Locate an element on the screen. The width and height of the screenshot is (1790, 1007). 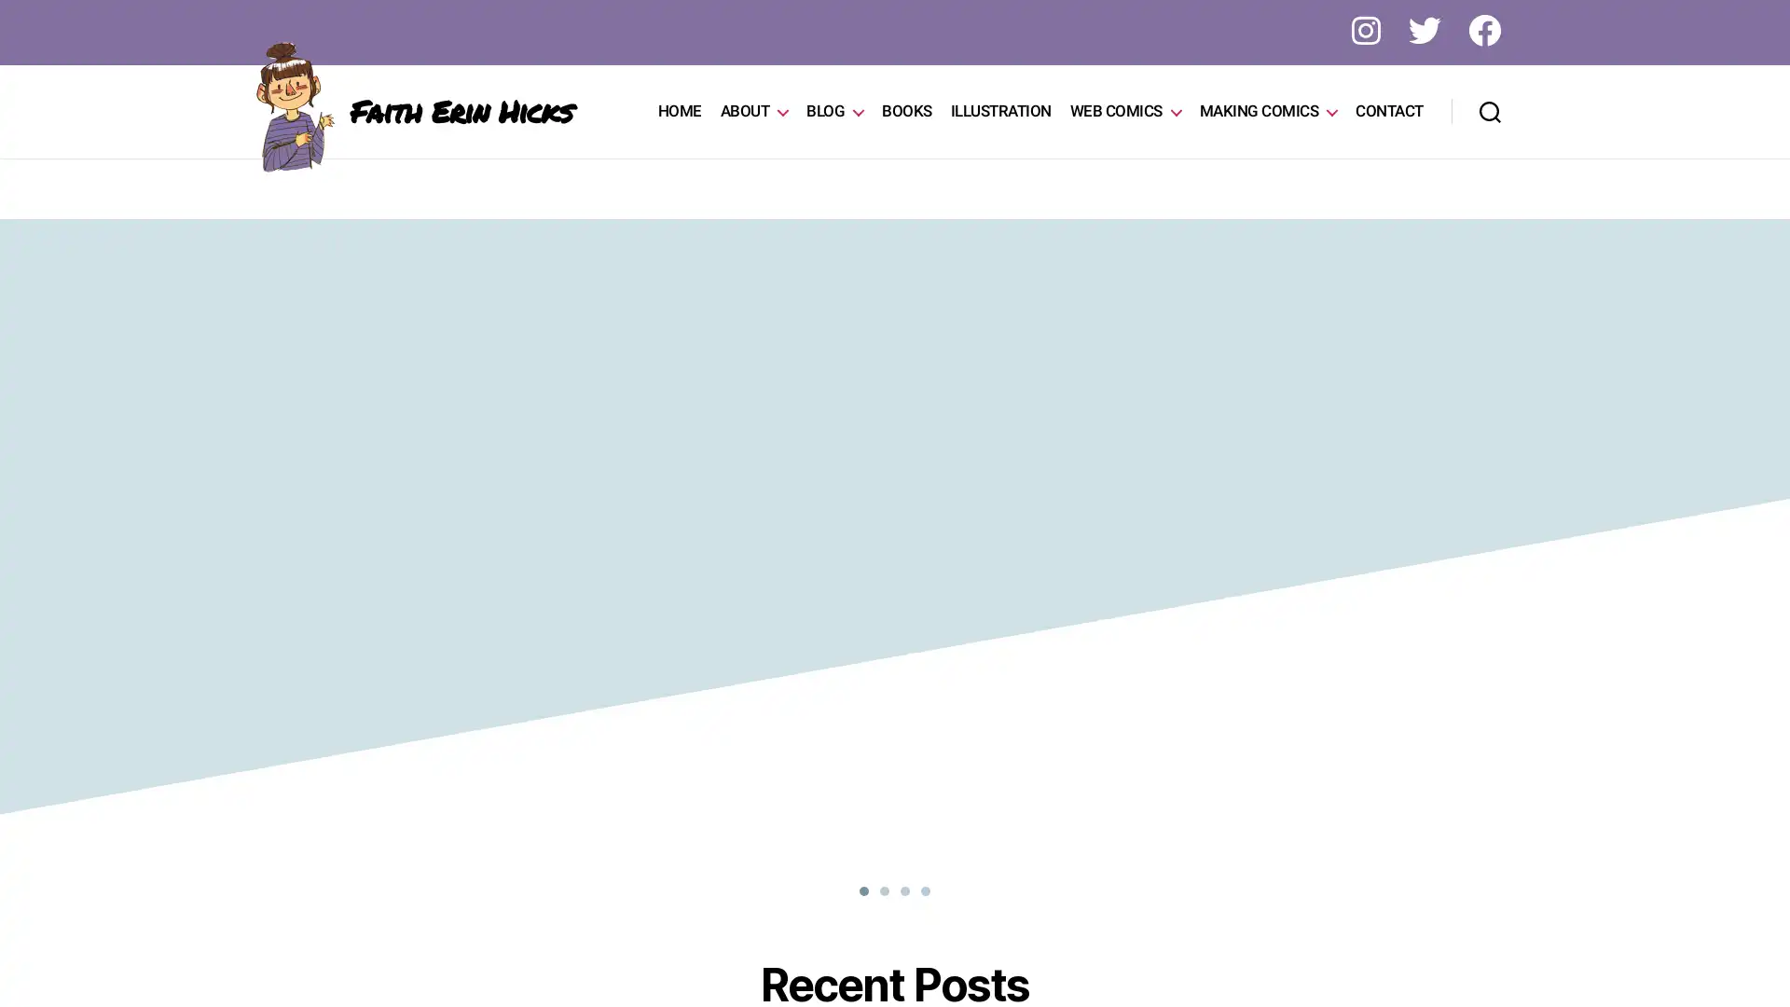
Slide 1 is located at coordinates (862, 890).